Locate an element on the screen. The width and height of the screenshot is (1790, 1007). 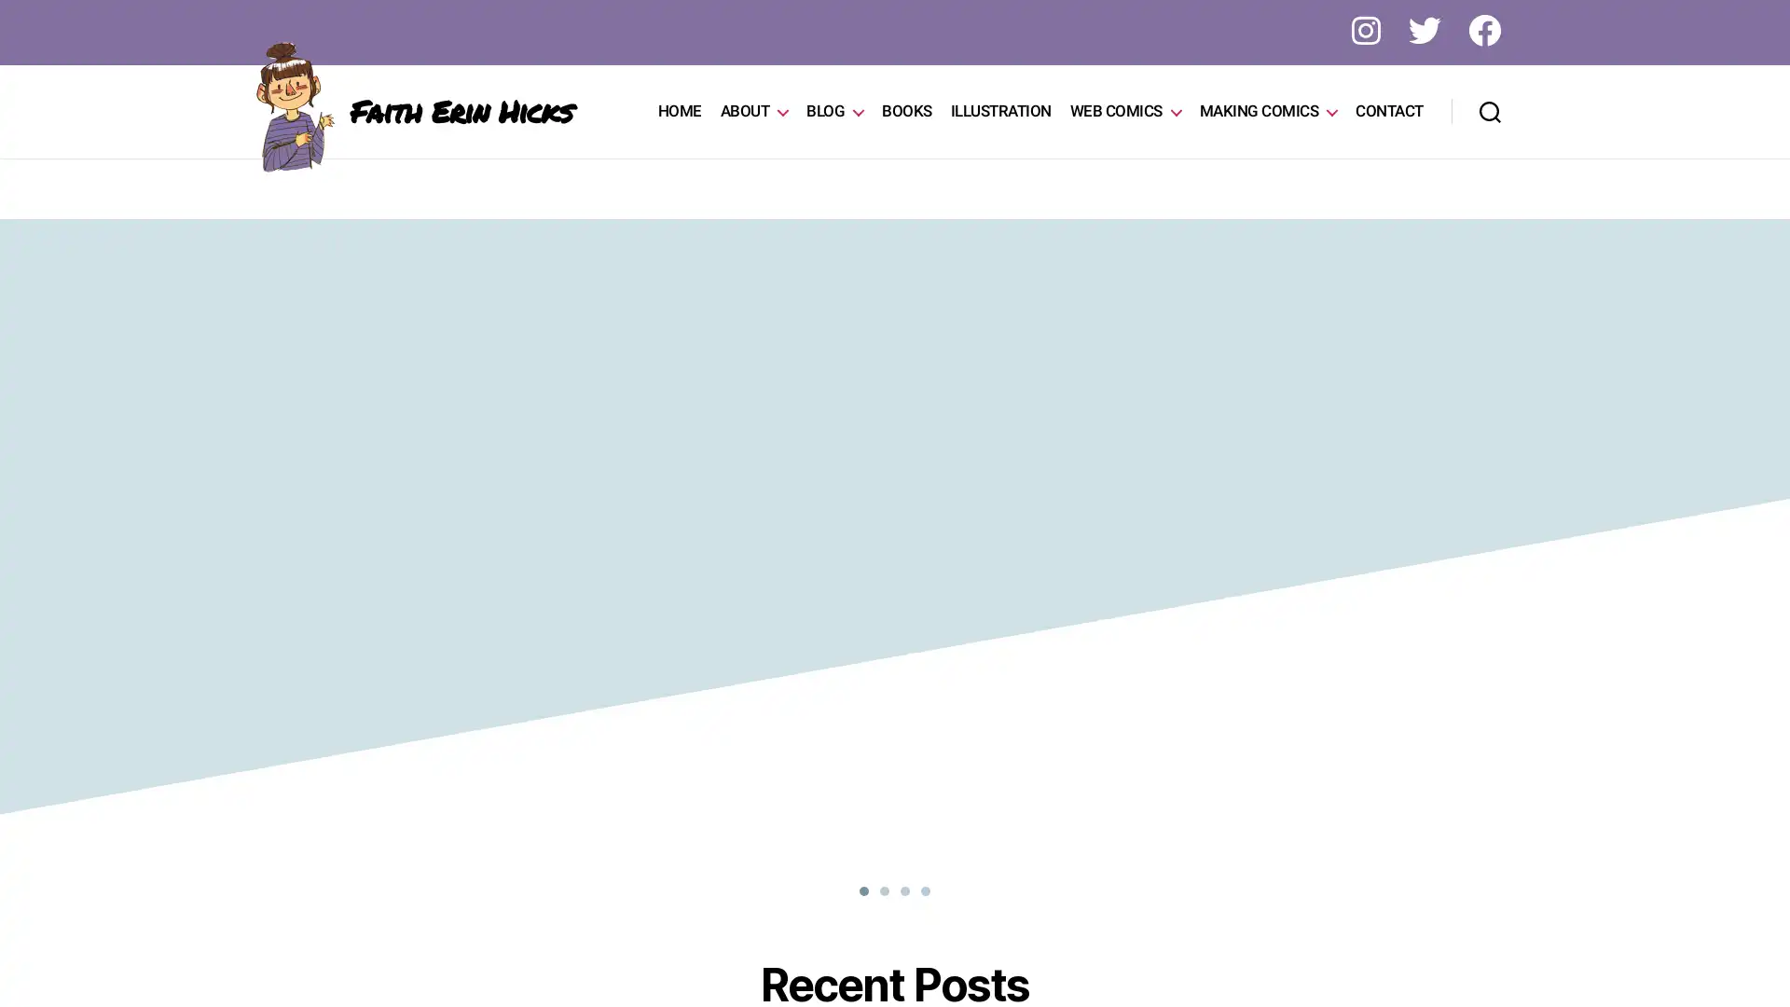
Slide 1 is located at coordinates (862, 890).